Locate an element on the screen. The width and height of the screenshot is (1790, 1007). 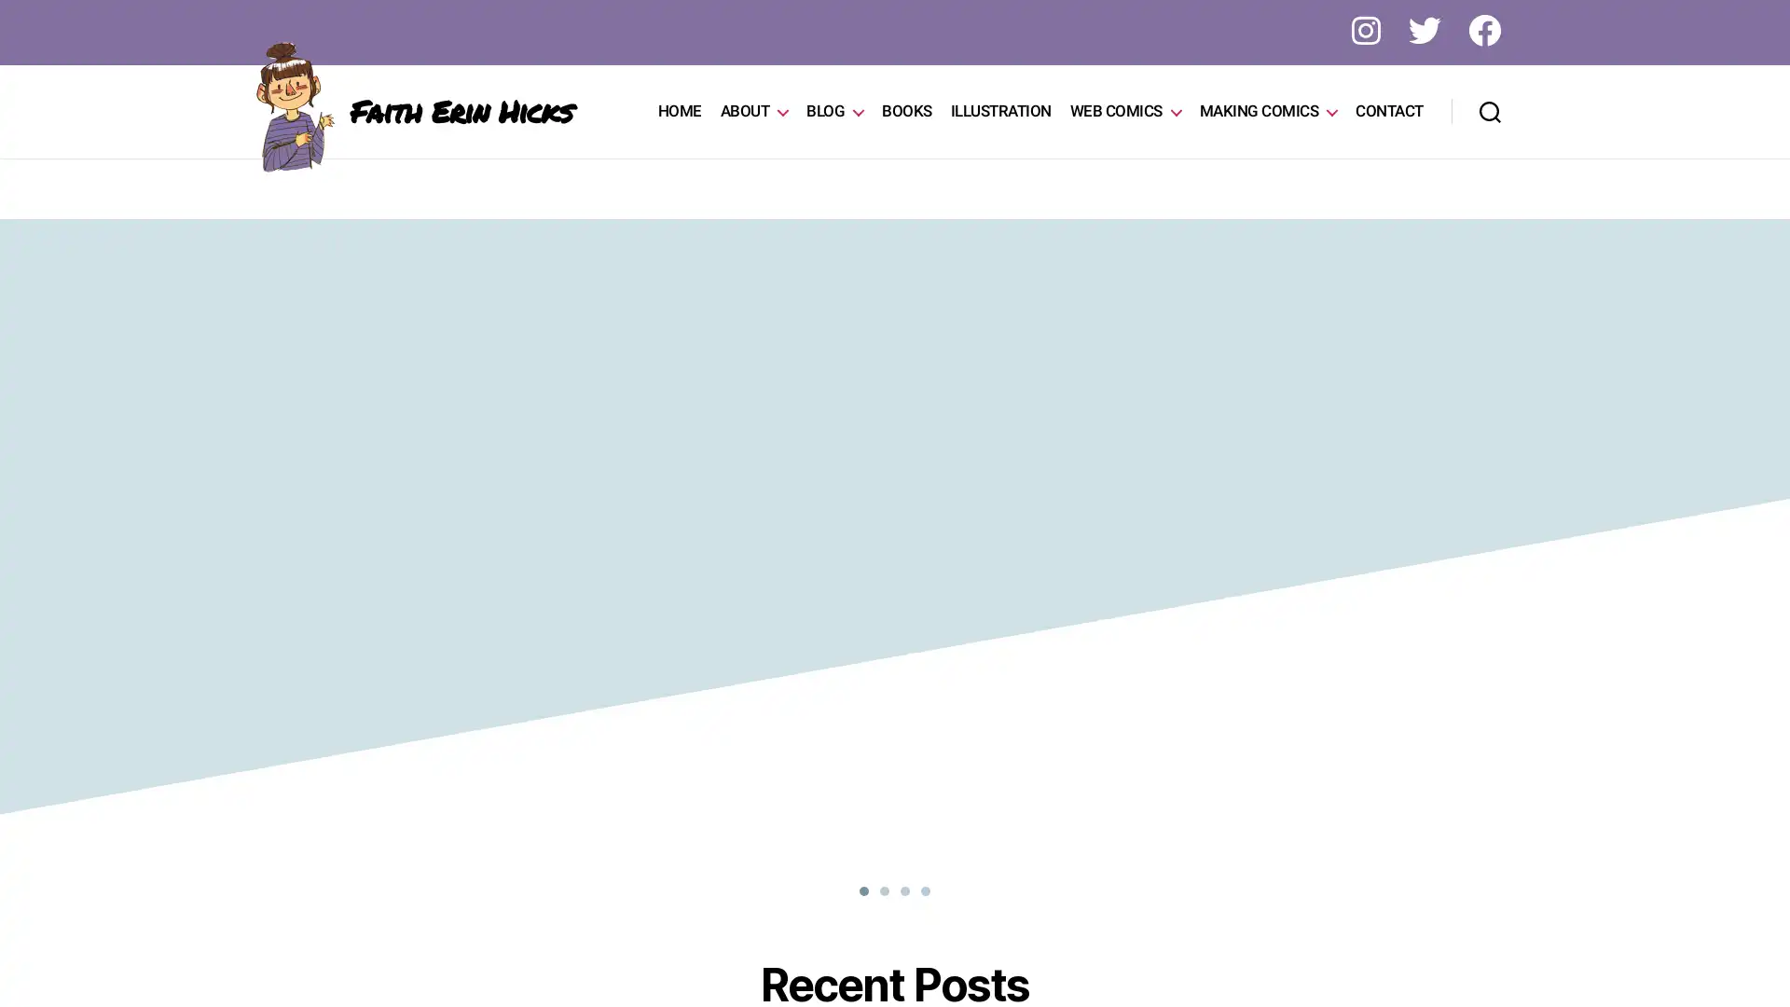
Slide 1 is located at coordinates (862, 890).